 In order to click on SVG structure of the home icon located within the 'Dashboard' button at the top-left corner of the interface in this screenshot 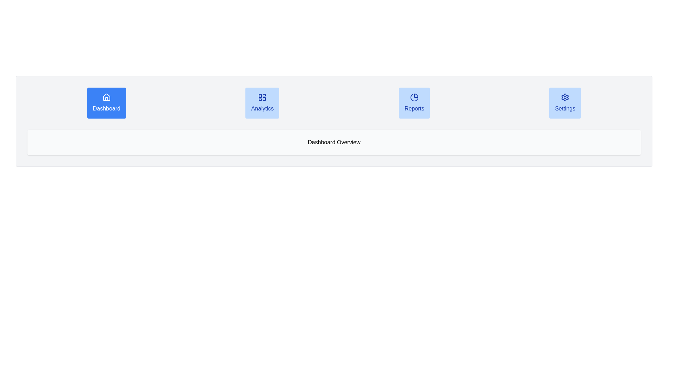, I will do `click(106, 97)`.